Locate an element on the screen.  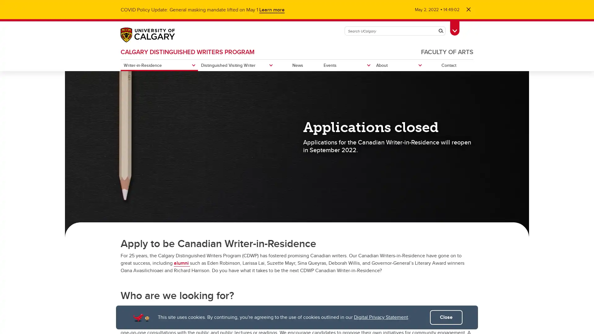
Close is located at coordinates (446, 317).